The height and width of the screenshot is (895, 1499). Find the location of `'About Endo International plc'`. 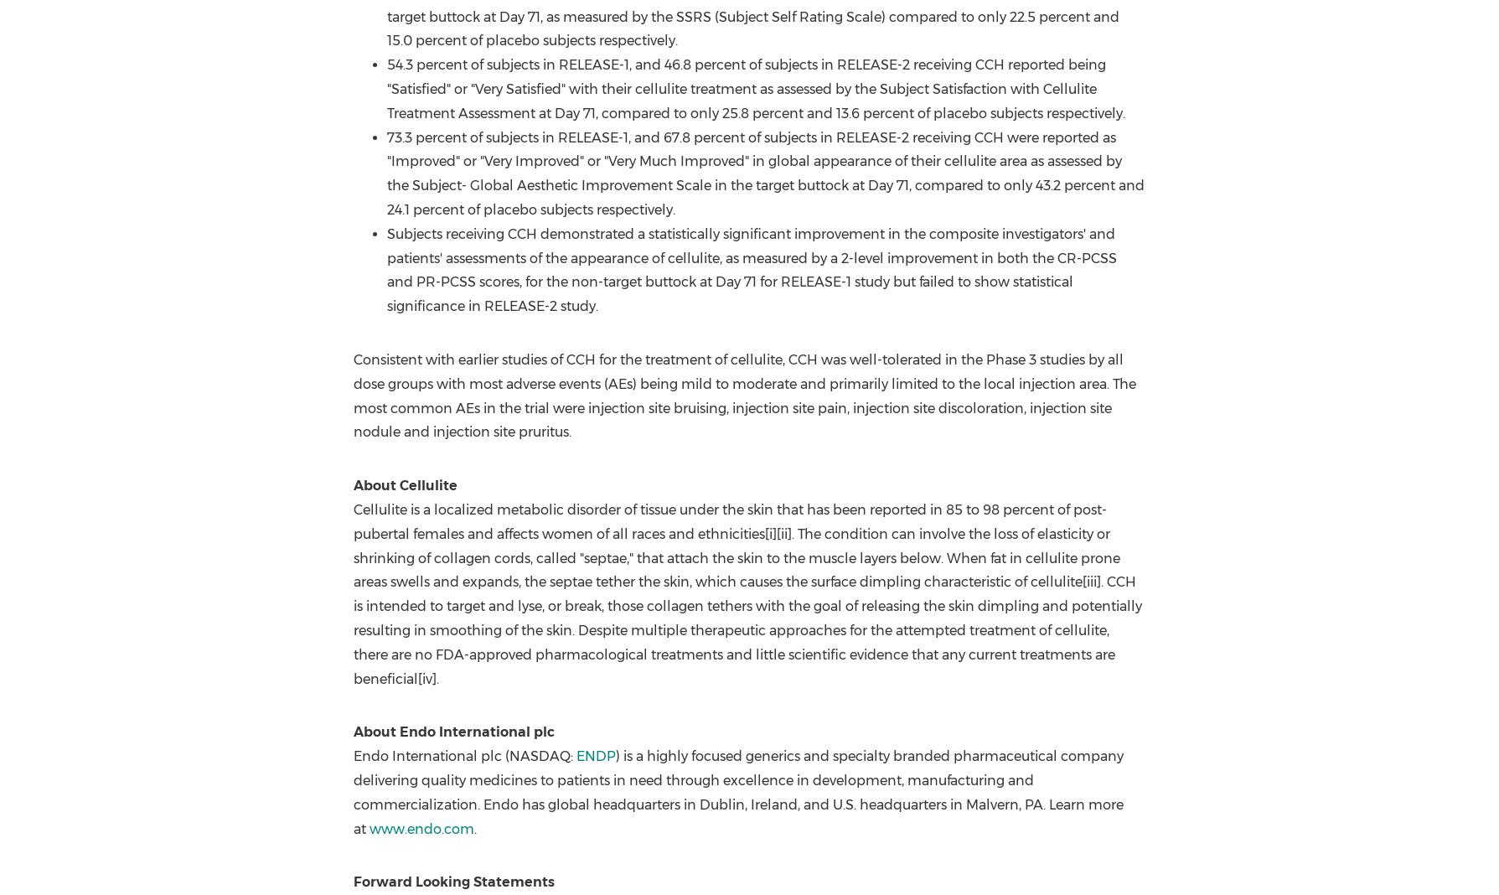

'About Endo International plc' is located at coordinates (453, 731).